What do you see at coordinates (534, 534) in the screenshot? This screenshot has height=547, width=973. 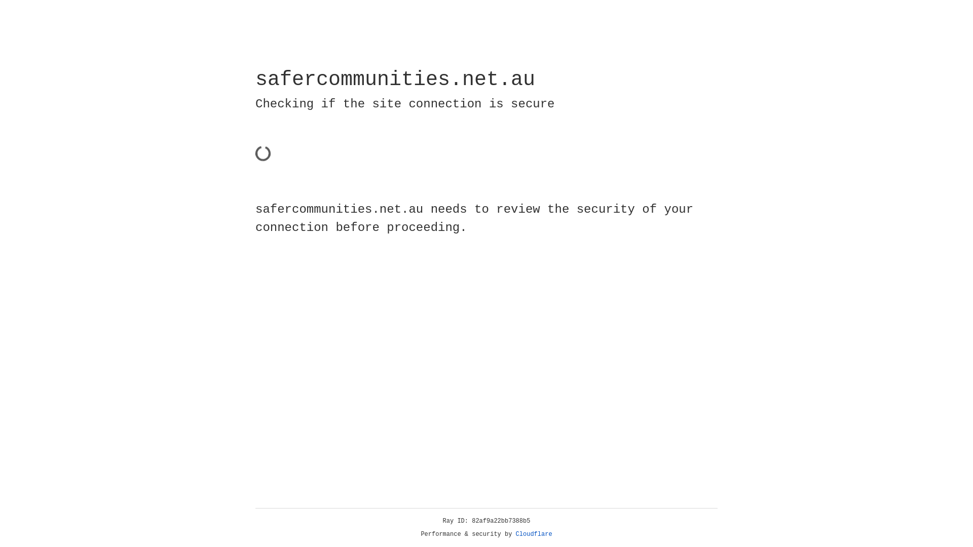 I see `'Cloudflare'` at bounding box center [534, 534].